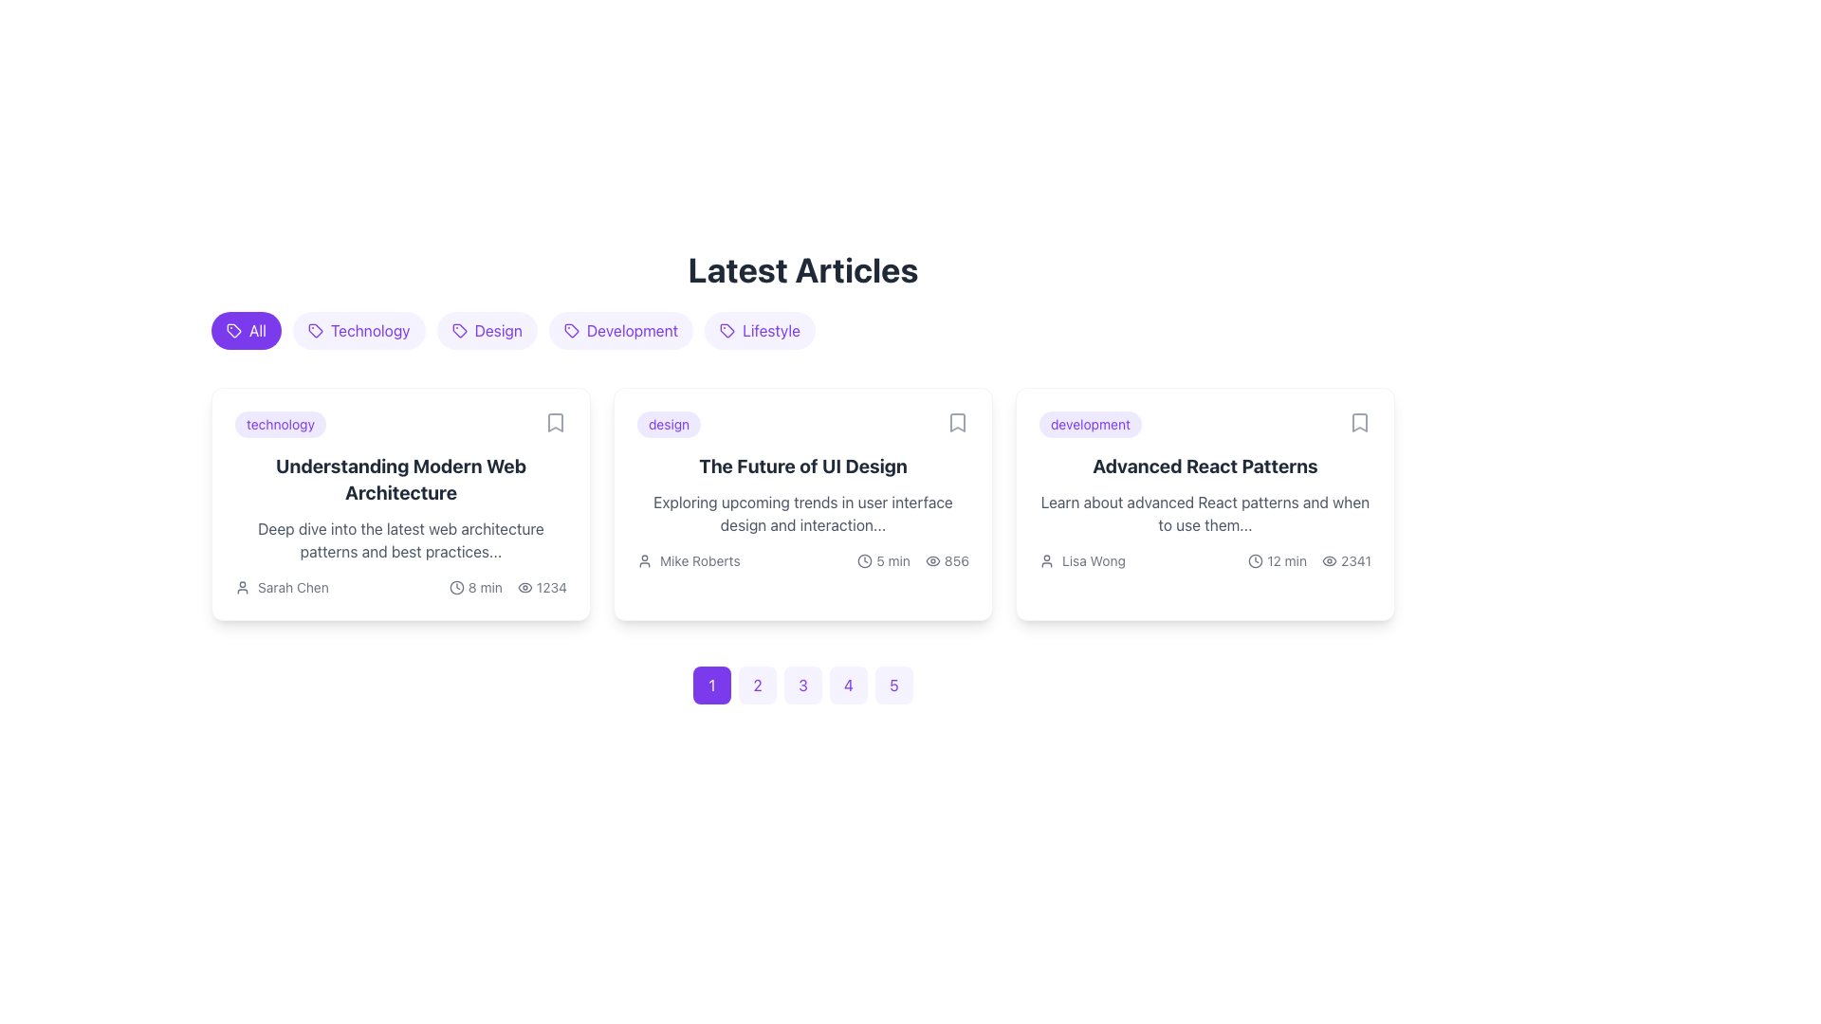 The height and width of the screenshot is (1024, 1821). What do you see at coordinates (957, 422) in the screenshot?
I see `the bookmark indicator SVG graphic icon located at the top-right corner of the card labeled 'The Future of UI Design.'` at bounding box center [957, 422].